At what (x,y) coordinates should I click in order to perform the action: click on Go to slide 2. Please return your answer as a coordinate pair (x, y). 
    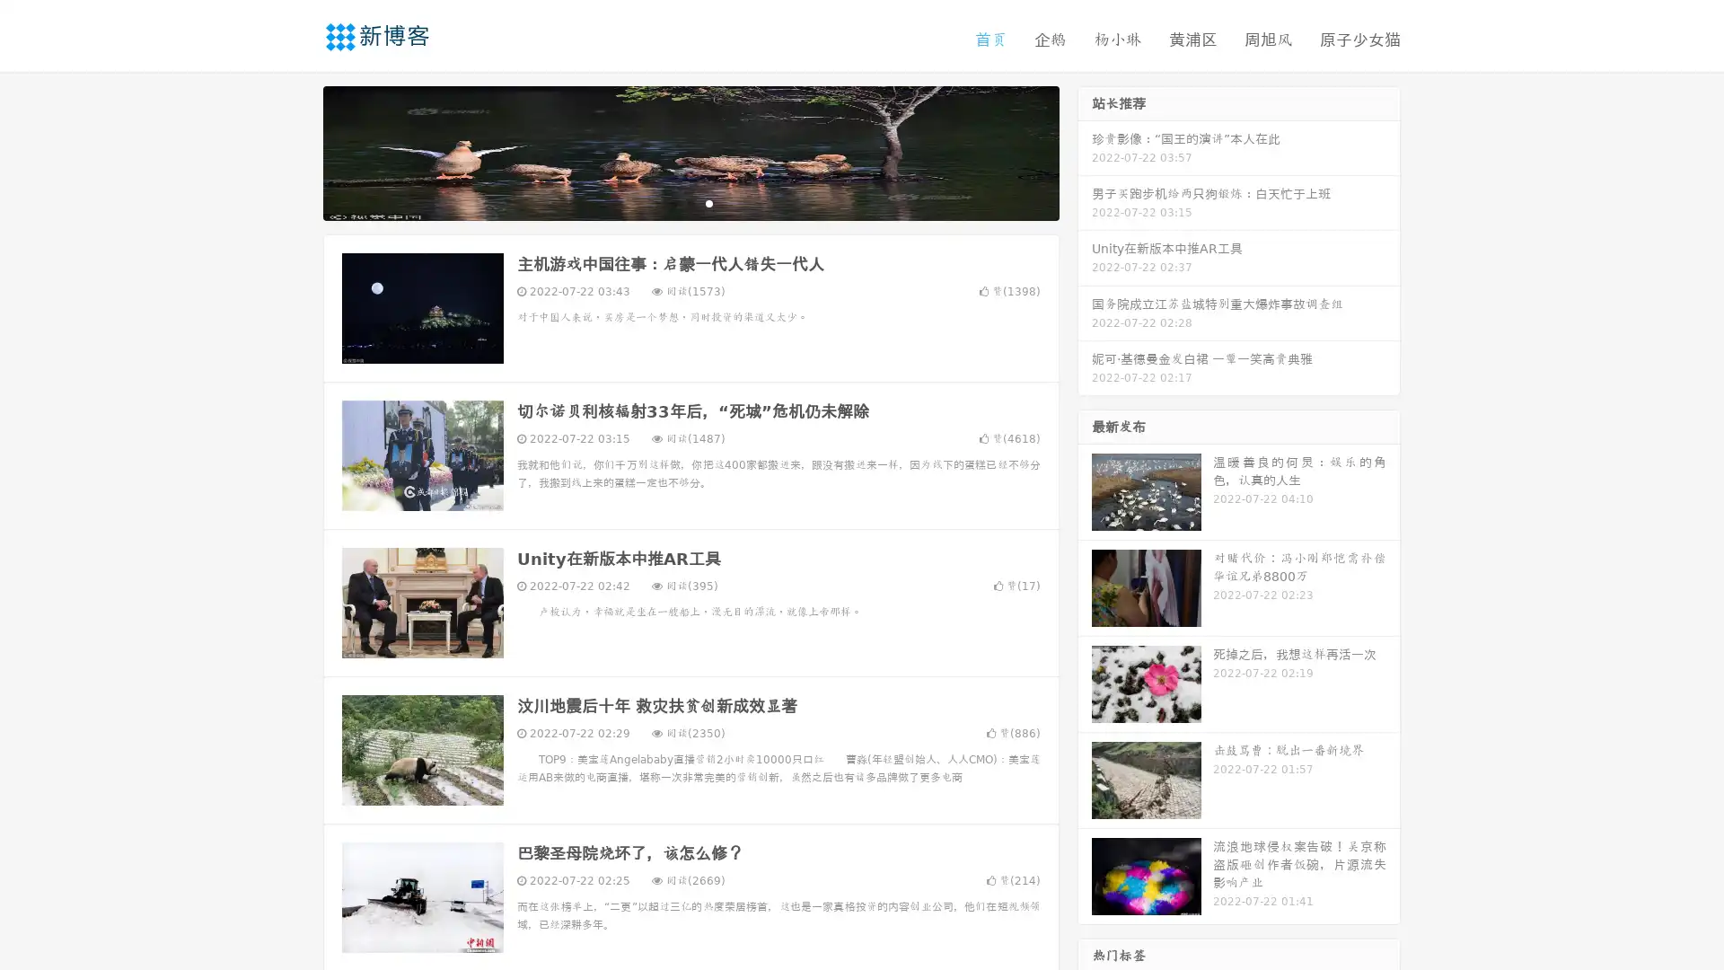
    Looking at the image, I should click on (690, 202).